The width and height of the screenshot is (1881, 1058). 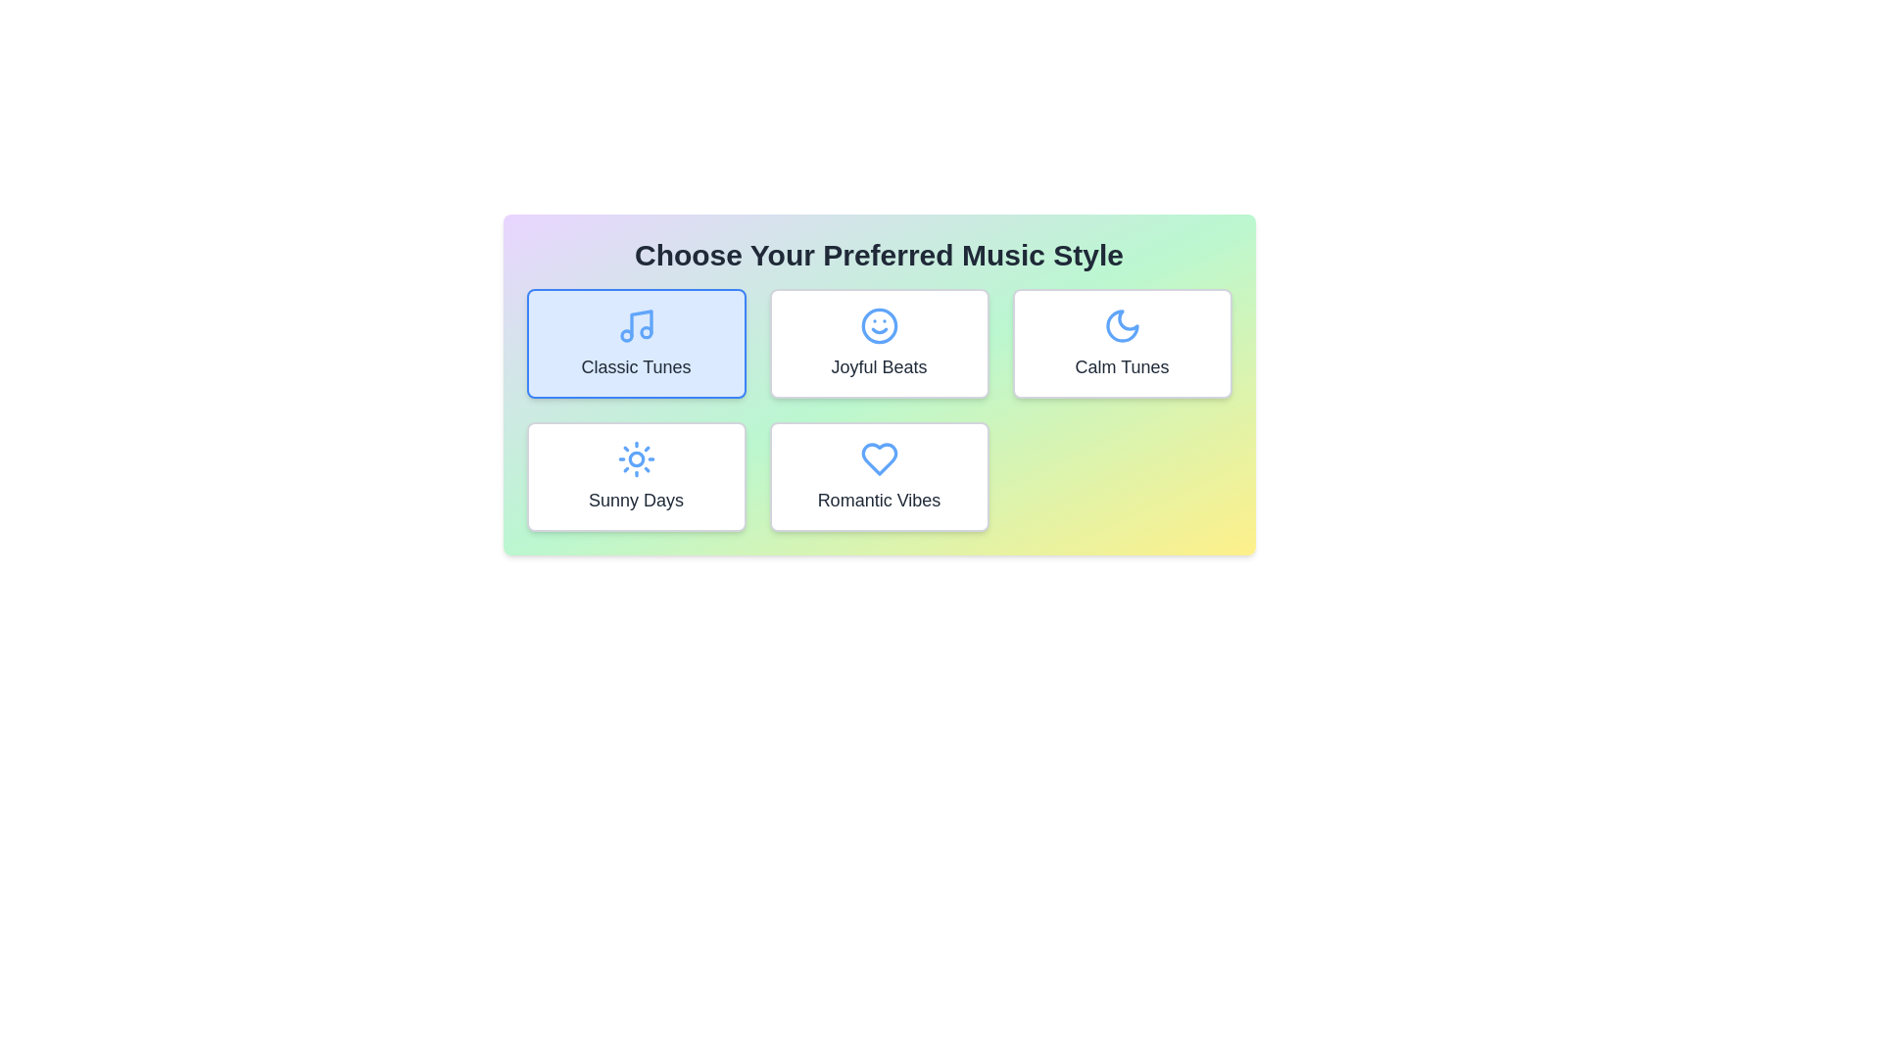 What do you see at coordinates (878, 385) in the screenshot?
I see `the 'Joyful Beats' button, the second button from the left in the grid of music styles within the card module titled 'Choose Your Preferred Music Style'` at bounding box center [878, 385].